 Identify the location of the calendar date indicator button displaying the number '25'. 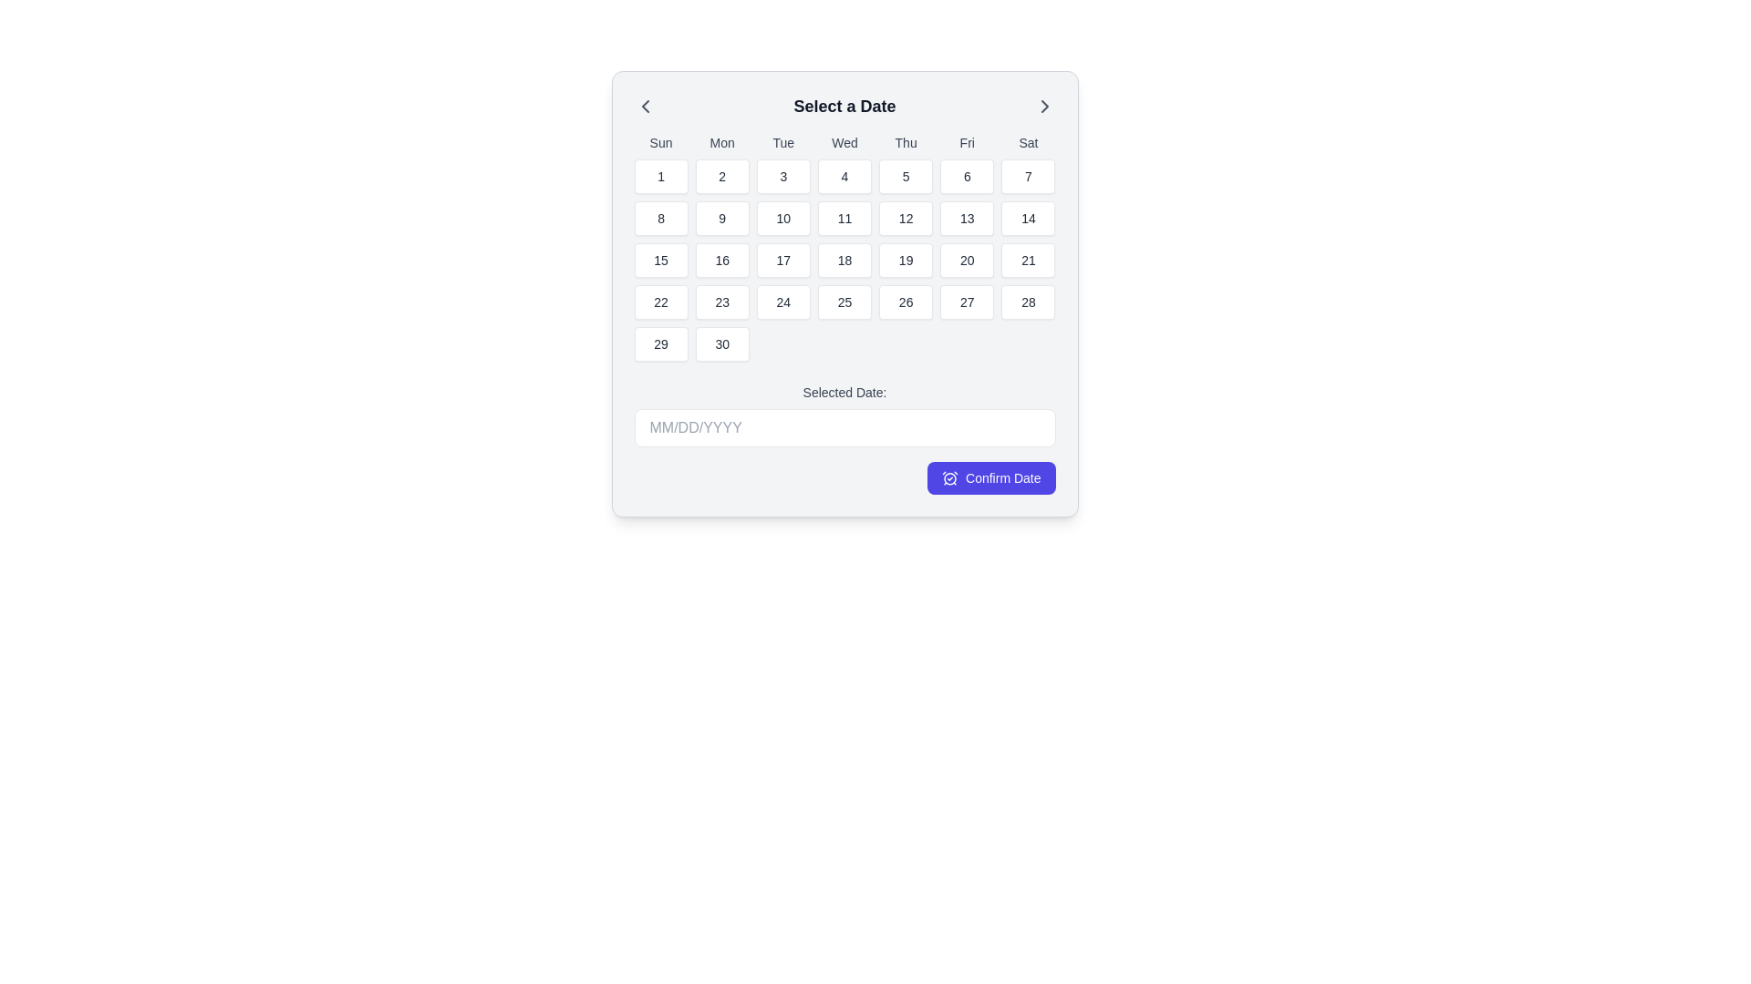
(844, 301).